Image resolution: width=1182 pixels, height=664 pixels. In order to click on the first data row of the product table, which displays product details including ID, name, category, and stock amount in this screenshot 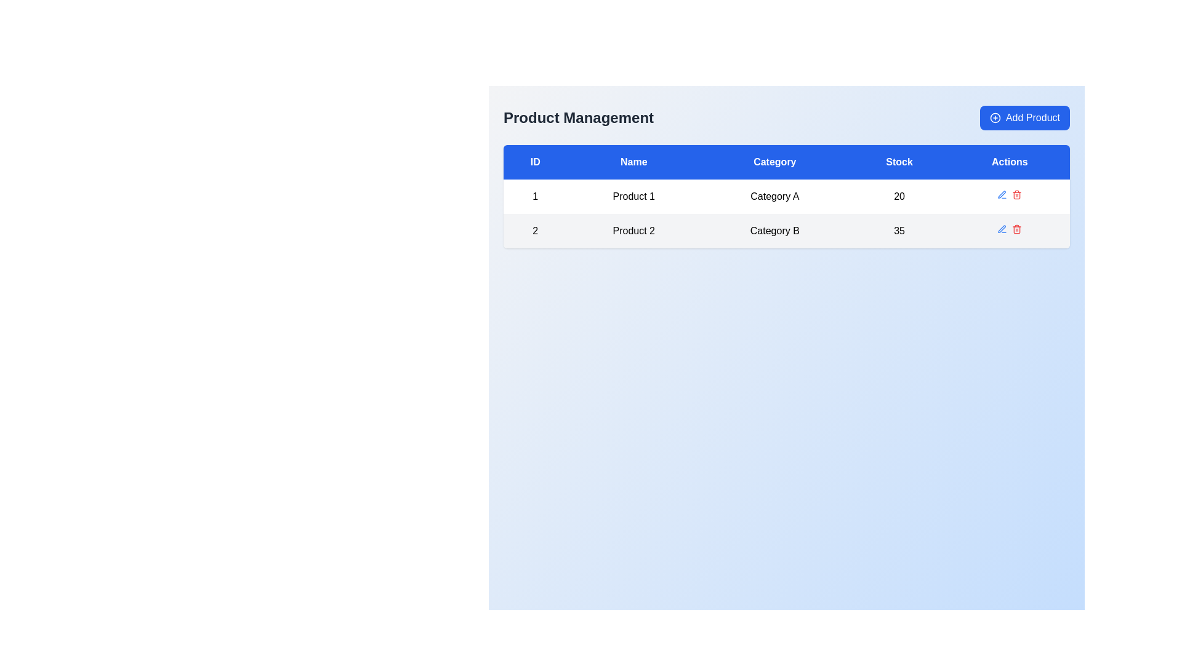, I will do `click(786, 196)`.